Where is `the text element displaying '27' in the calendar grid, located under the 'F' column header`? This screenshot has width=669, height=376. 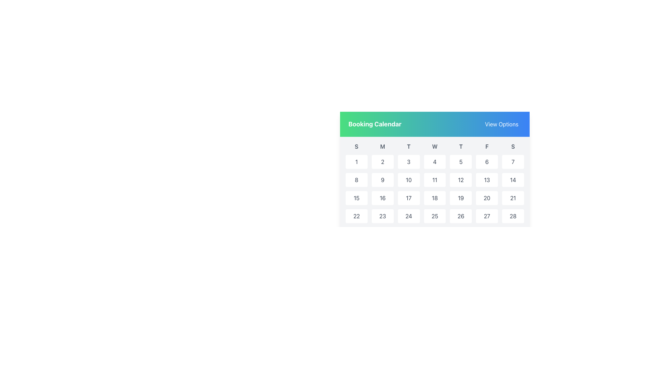 the text element displaying '27' in the calendar grid, located under the 'F' column header is located at coordinates (486, 216).